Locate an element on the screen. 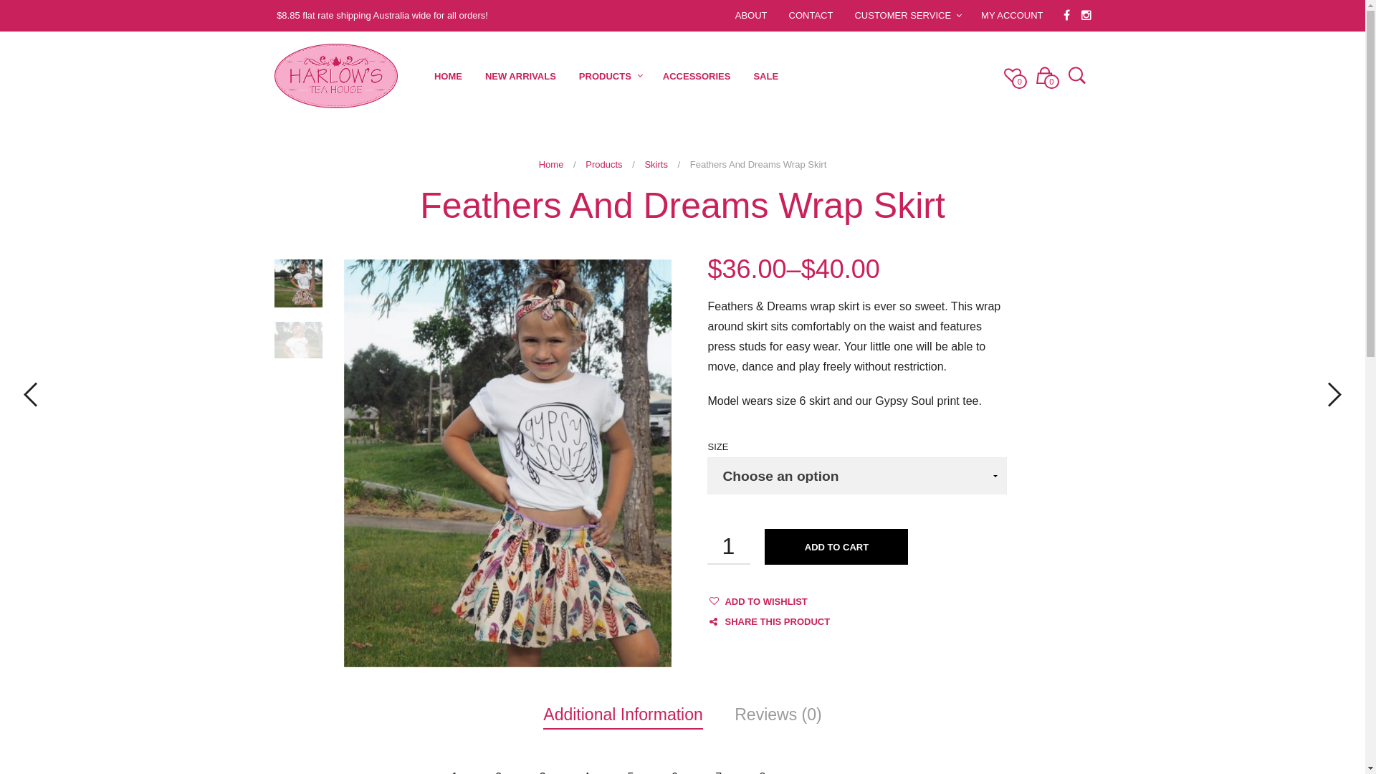 The height and width of the screenshot is (774, 1376). 'Skirts' is located at coordinates (655, 163).